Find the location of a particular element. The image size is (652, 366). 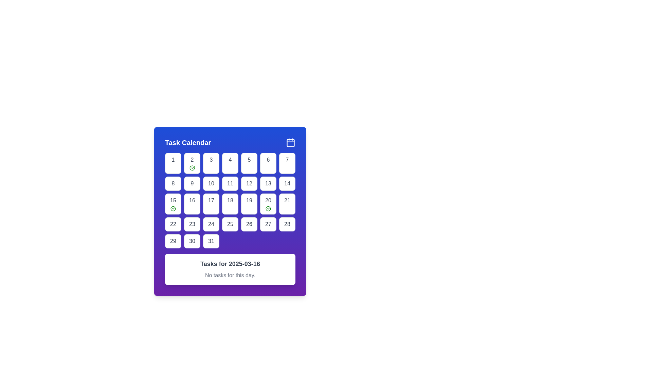

the button labeled '6' in the calendar grid for keyboard interaction is located at coordinates (268, 163).